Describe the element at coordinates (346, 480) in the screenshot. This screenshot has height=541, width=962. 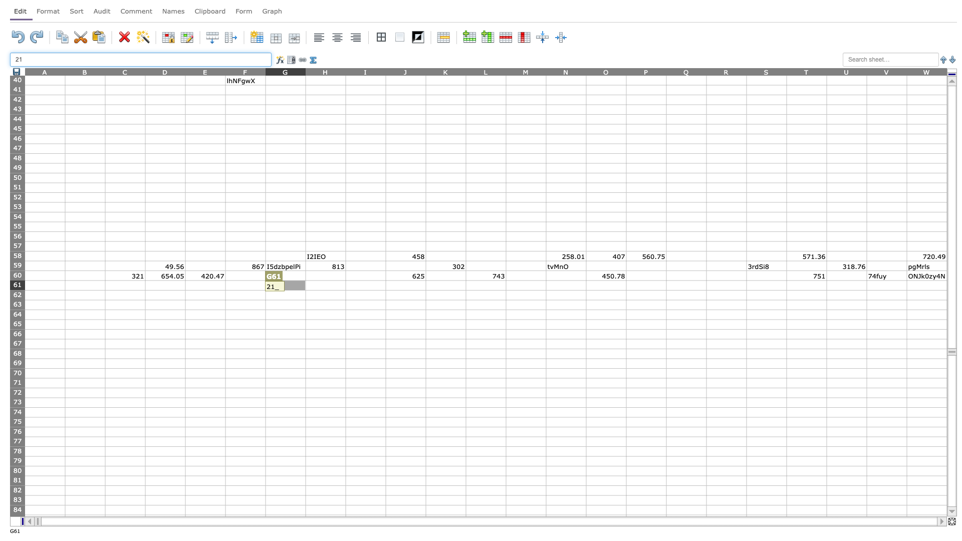
I see `right border at column H row 81` at that location.